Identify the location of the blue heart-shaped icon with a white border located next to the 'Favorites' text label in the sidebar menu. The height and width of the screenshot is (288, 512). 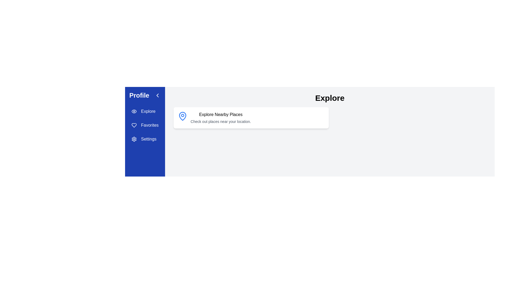
(134, 125).